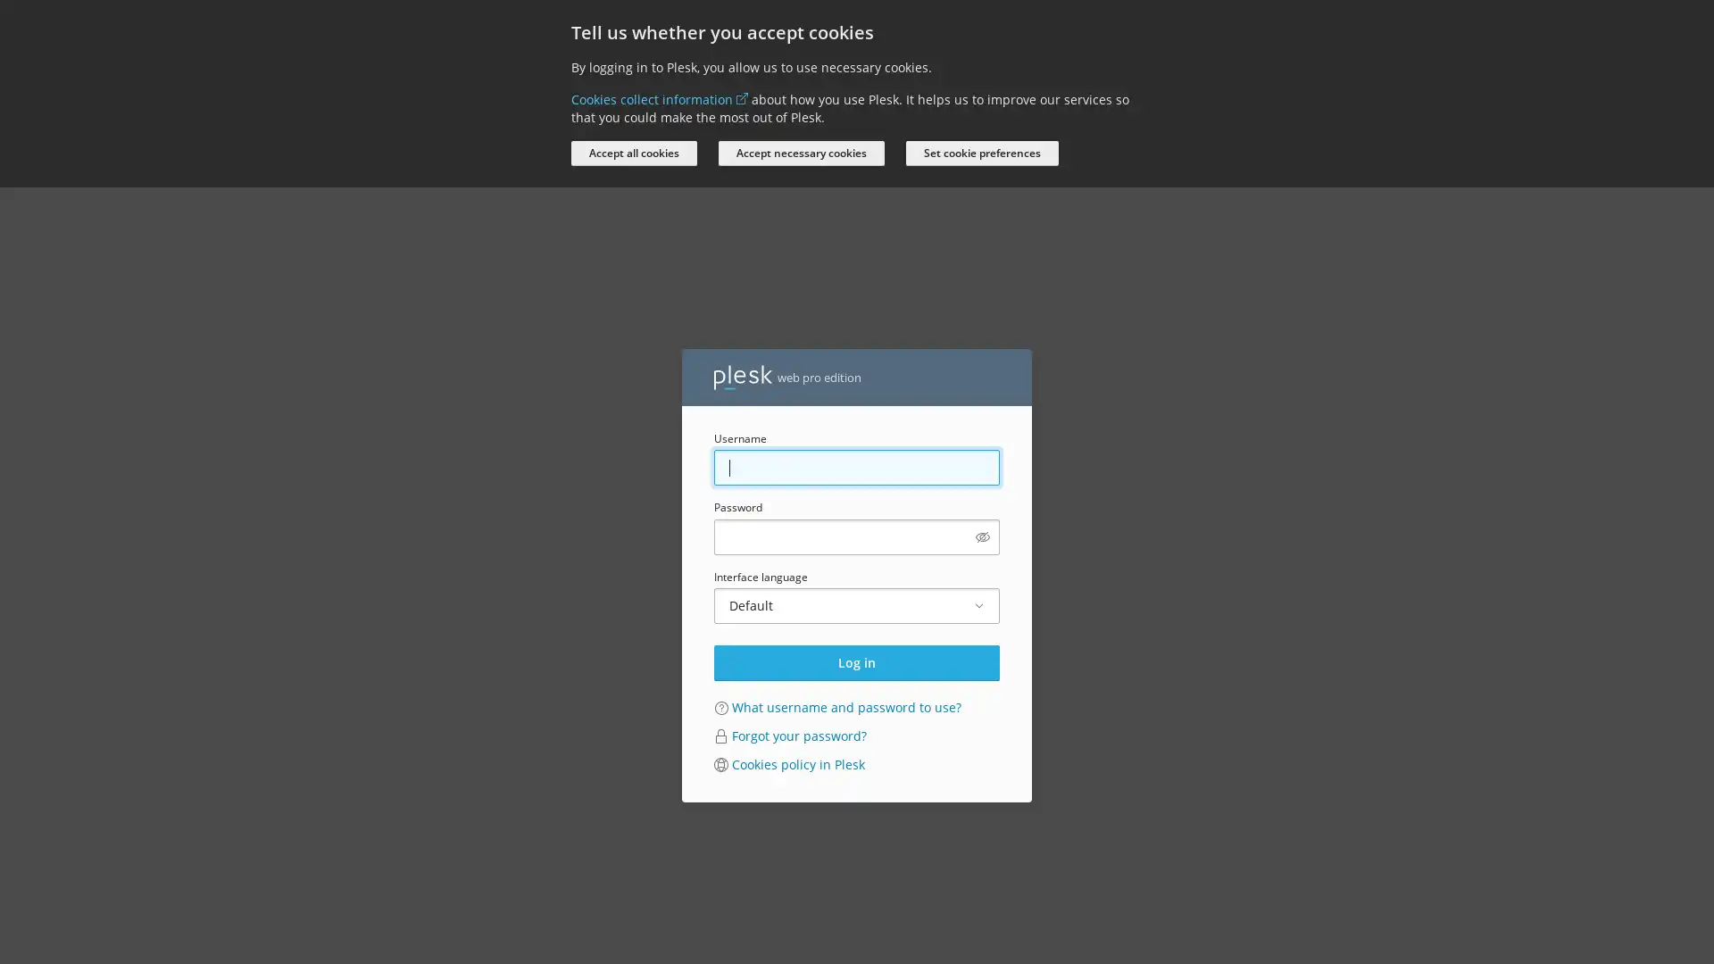  Describe the element at coordinates (634, 153) in the screenshot. I see `Accept all cookies` at that location.